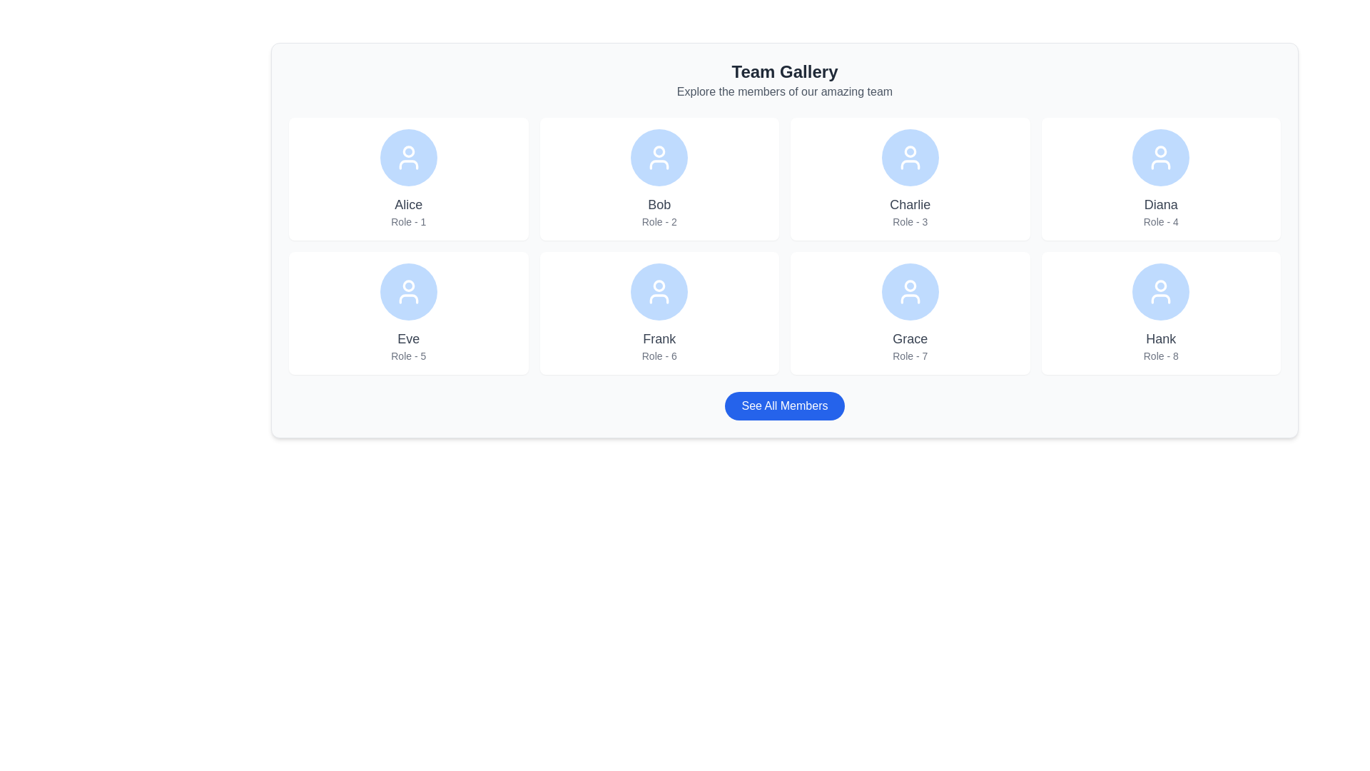  I want to click on the circular shape element within the user profile icon on the sixth card titled 'Frank Role - 6', so click(659, 286).